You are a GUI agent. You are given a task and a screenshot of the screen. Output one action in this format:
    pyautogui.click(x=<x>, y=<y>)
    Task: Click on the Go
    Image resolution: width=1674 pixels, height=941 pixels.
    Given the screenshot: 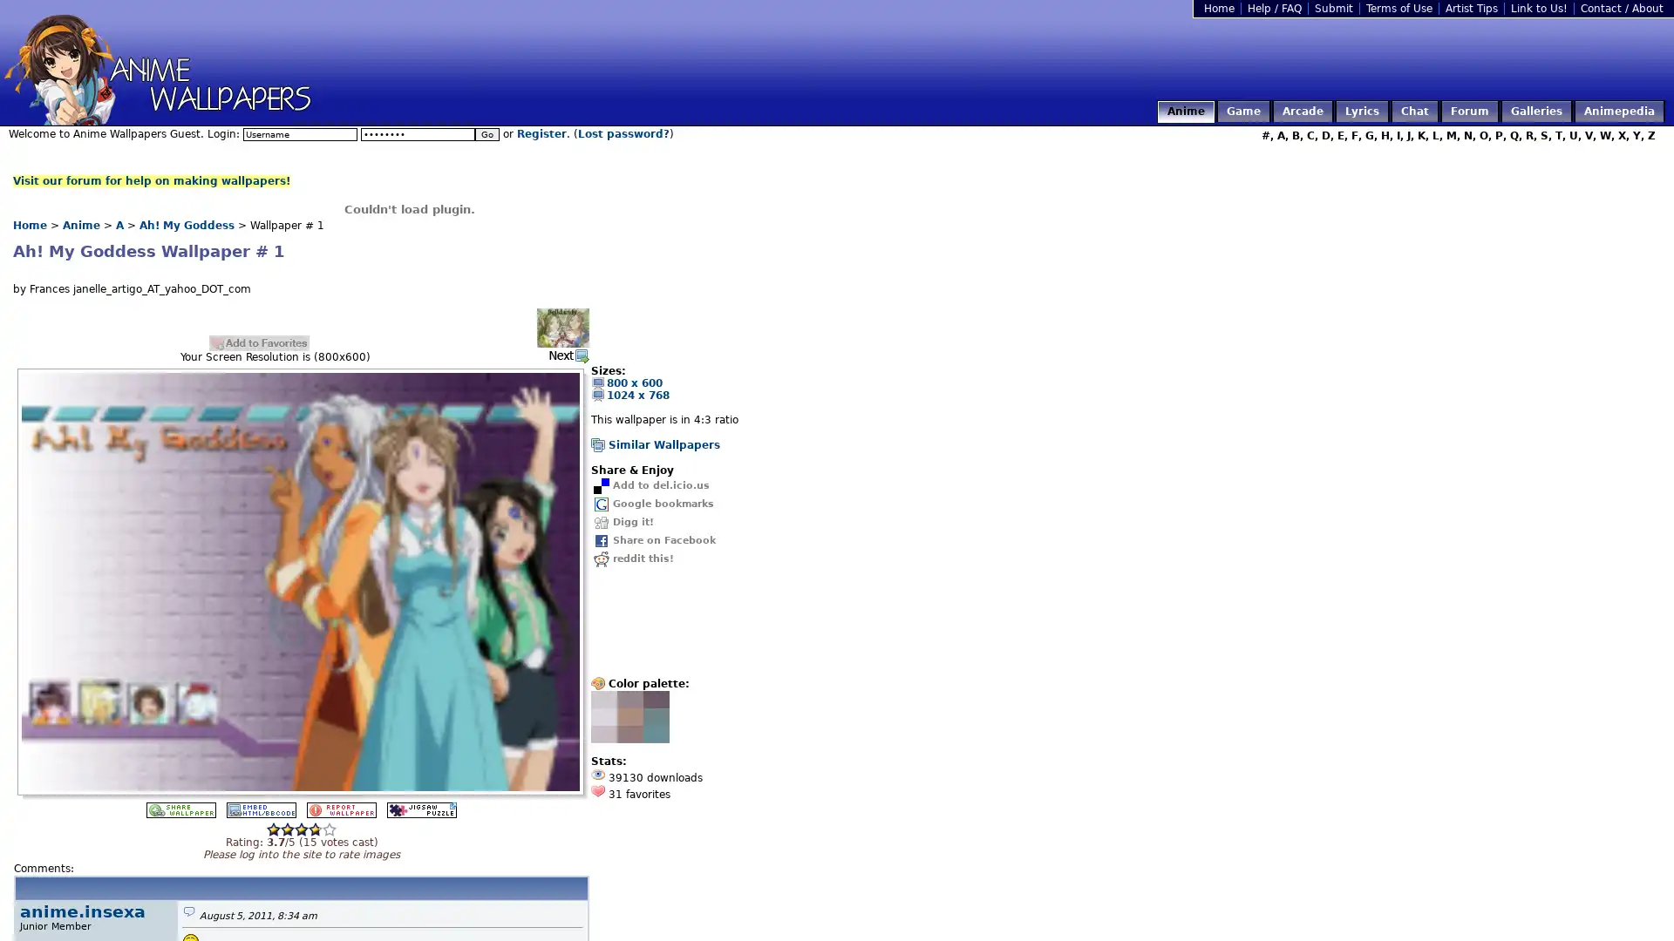 What is the action you would take?
    pyautogui.click(x=487, y=133)
    